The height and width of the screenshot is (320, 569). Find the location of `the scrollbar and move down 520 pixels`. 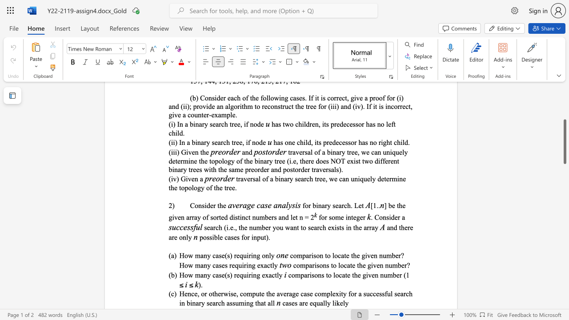

the scrollbar and move down 520 pixels is located at coordinates (564, 141).